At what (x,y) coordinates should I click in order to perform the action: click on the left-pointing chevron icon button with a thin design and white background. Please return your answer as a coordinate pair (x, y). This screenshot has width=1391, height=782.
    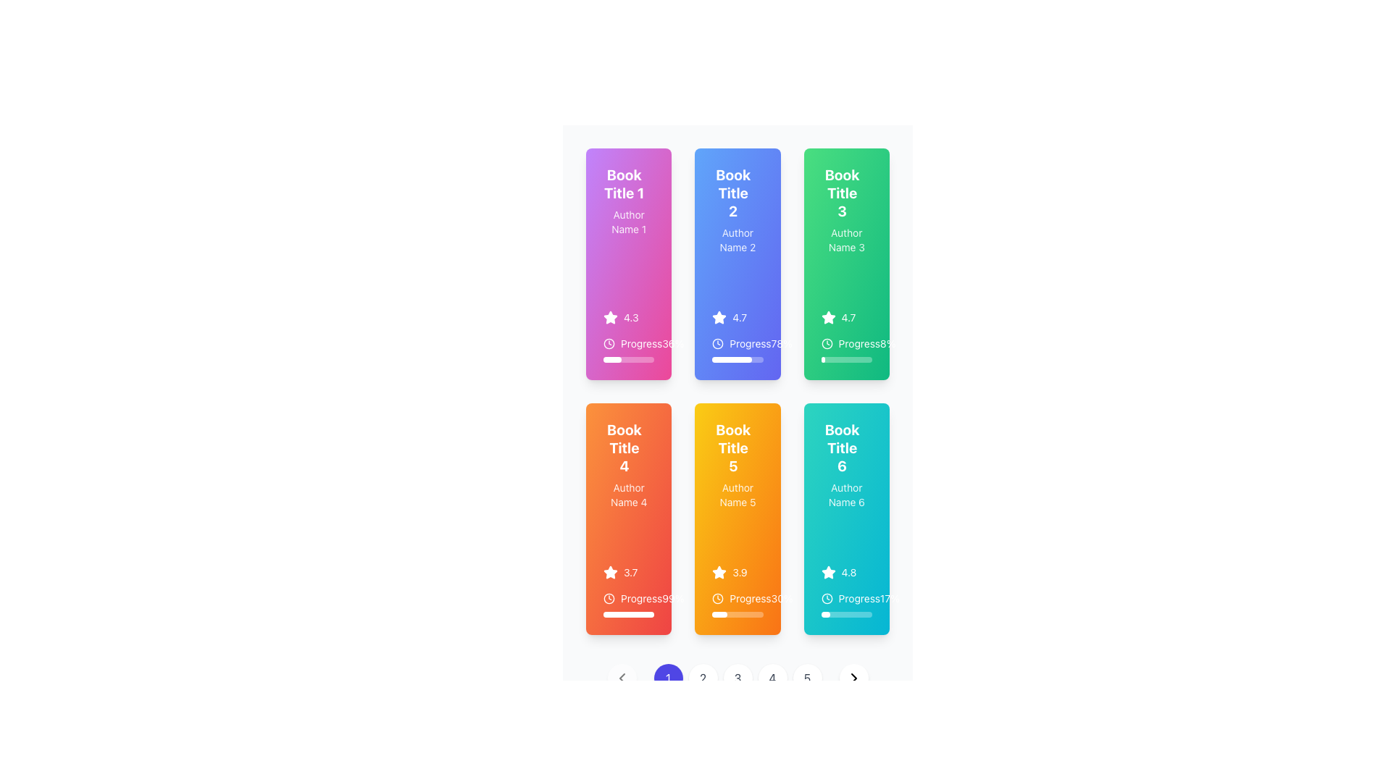
    Looking at the image, I should click on (622, 678).